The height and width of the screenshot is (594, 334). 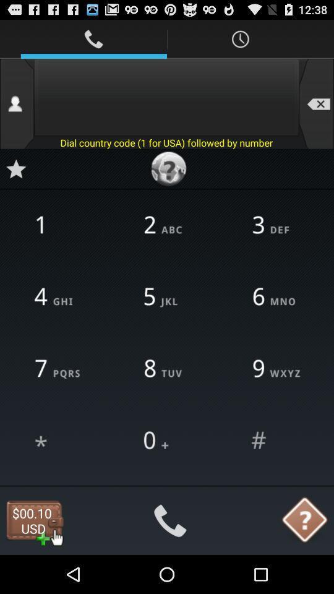 I want to click on the minus icon, so click(x=316, y=110).